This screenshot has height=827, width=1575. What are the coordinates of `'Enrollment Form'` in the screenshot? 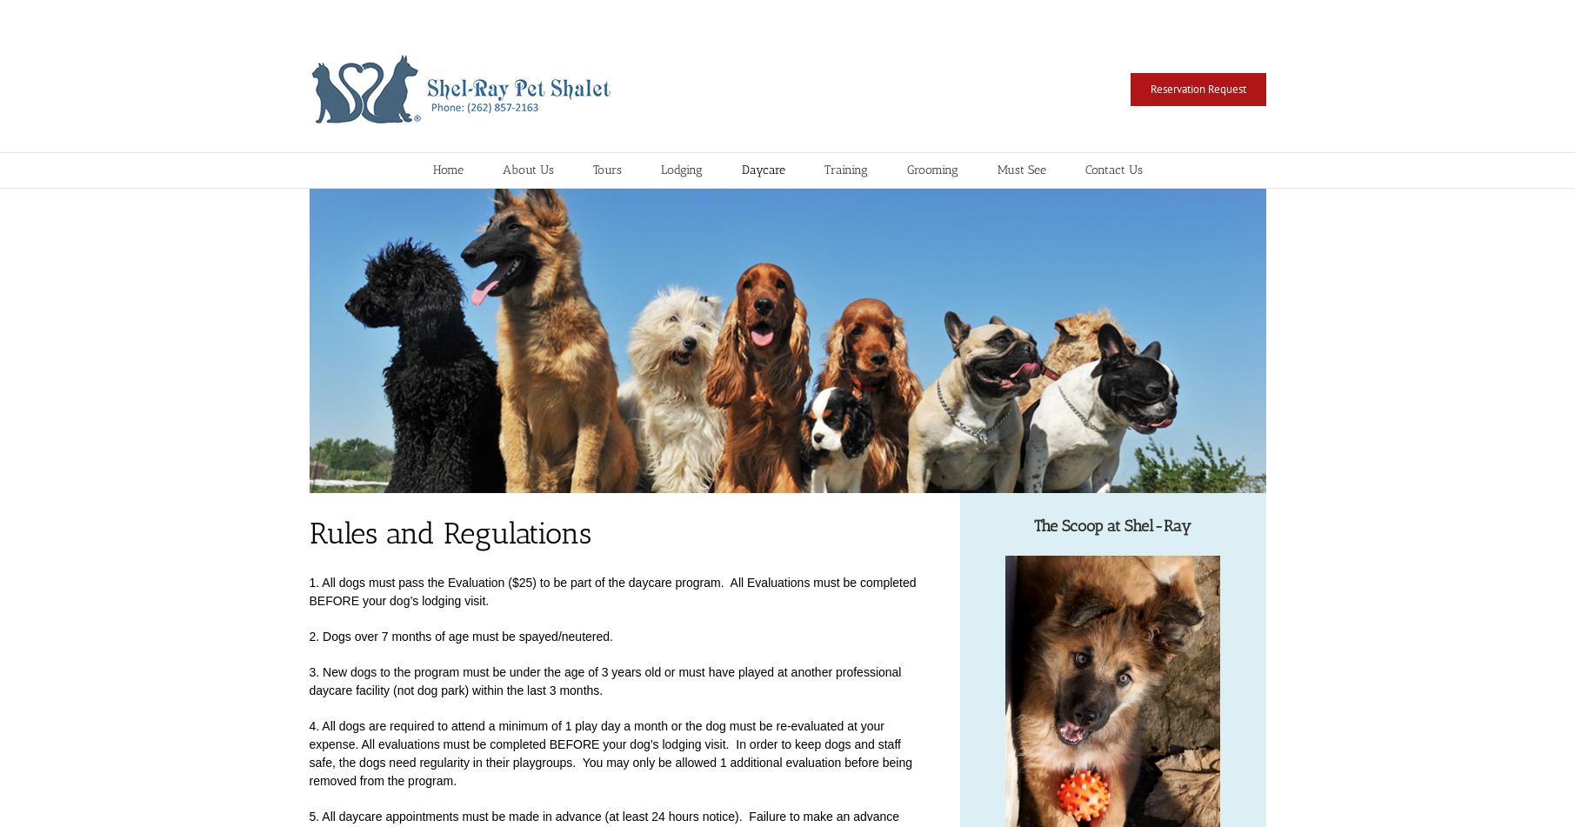 It's located at (739, 289).